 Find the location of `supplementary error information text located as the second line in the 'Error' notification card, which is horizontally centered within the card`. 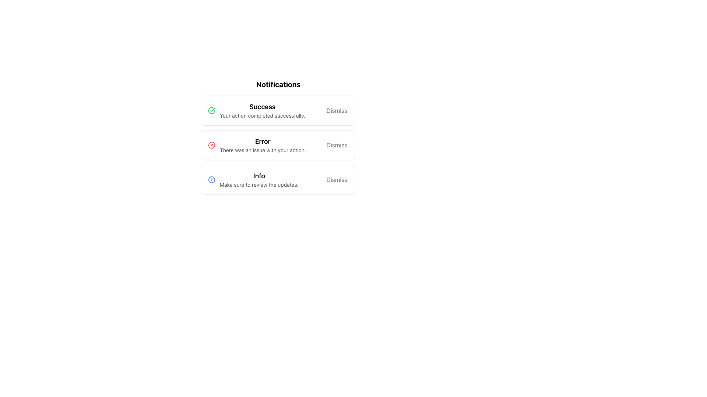

supplementary error information text located as the second line in the 'Error' notification card, which is horizontally centered within the card is located at coordinates (263, 150).